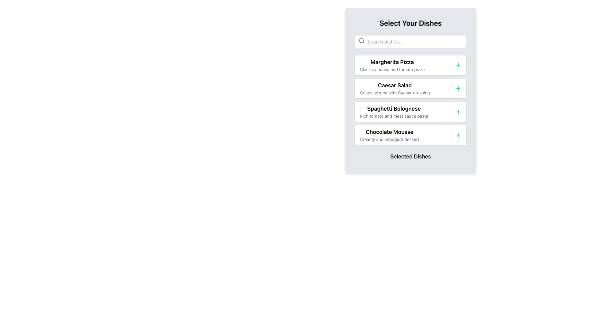 The image size is (589, 331). I want to click on textual description of the 'Chocolate Mousse' menu item located below the bold title 'Chocolate Mousse', so click(389, 139).